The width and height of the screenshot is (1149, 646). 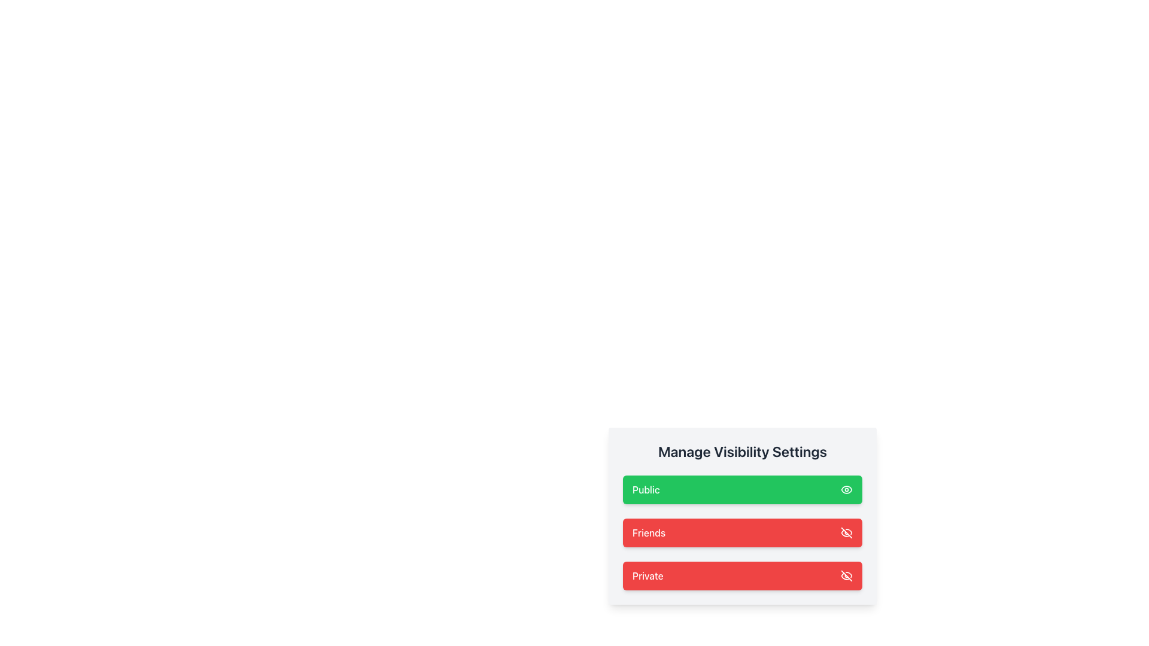 I want to click on the red eye icon with a 'crossed-out' motif, so click(x=846, y=532).